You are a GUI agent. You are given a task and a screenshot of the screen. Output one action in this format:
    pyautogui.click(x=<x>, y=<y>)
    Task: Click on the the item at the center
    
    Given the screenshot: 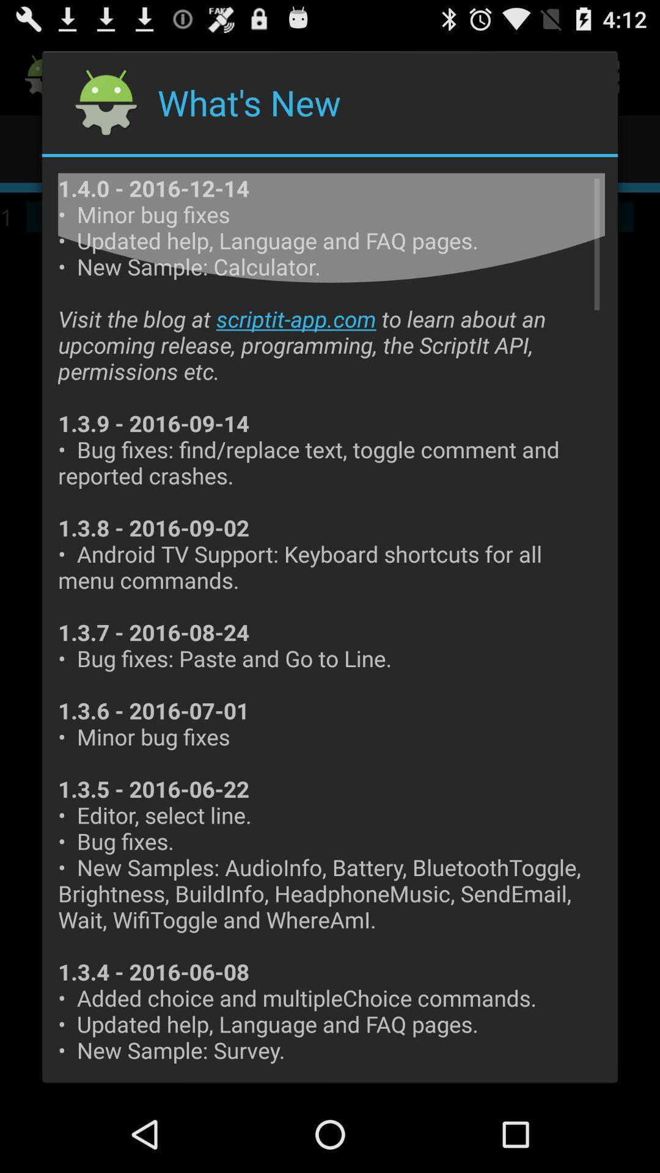 What is the action you would take?
    pyautogui.click(x=331, y=620)
    